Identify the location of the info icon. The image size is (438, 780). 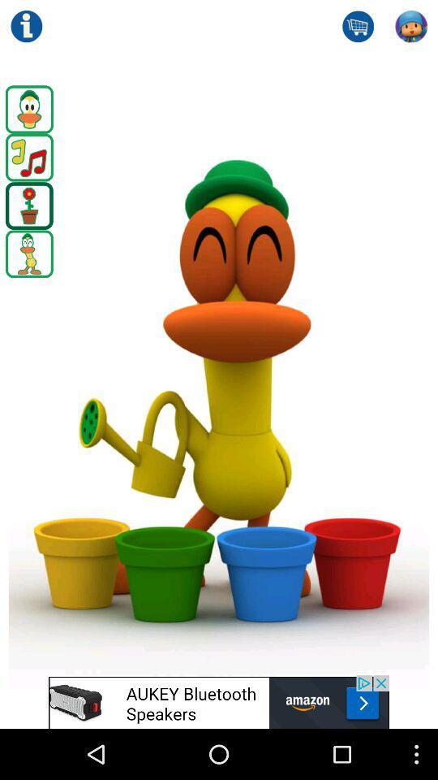
(25, 28).